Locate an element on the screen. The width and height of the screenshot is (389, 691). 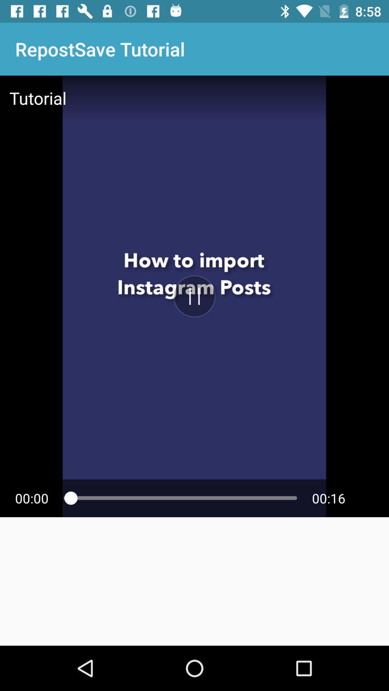
video on and stop button is located at coordinates (194, 296).